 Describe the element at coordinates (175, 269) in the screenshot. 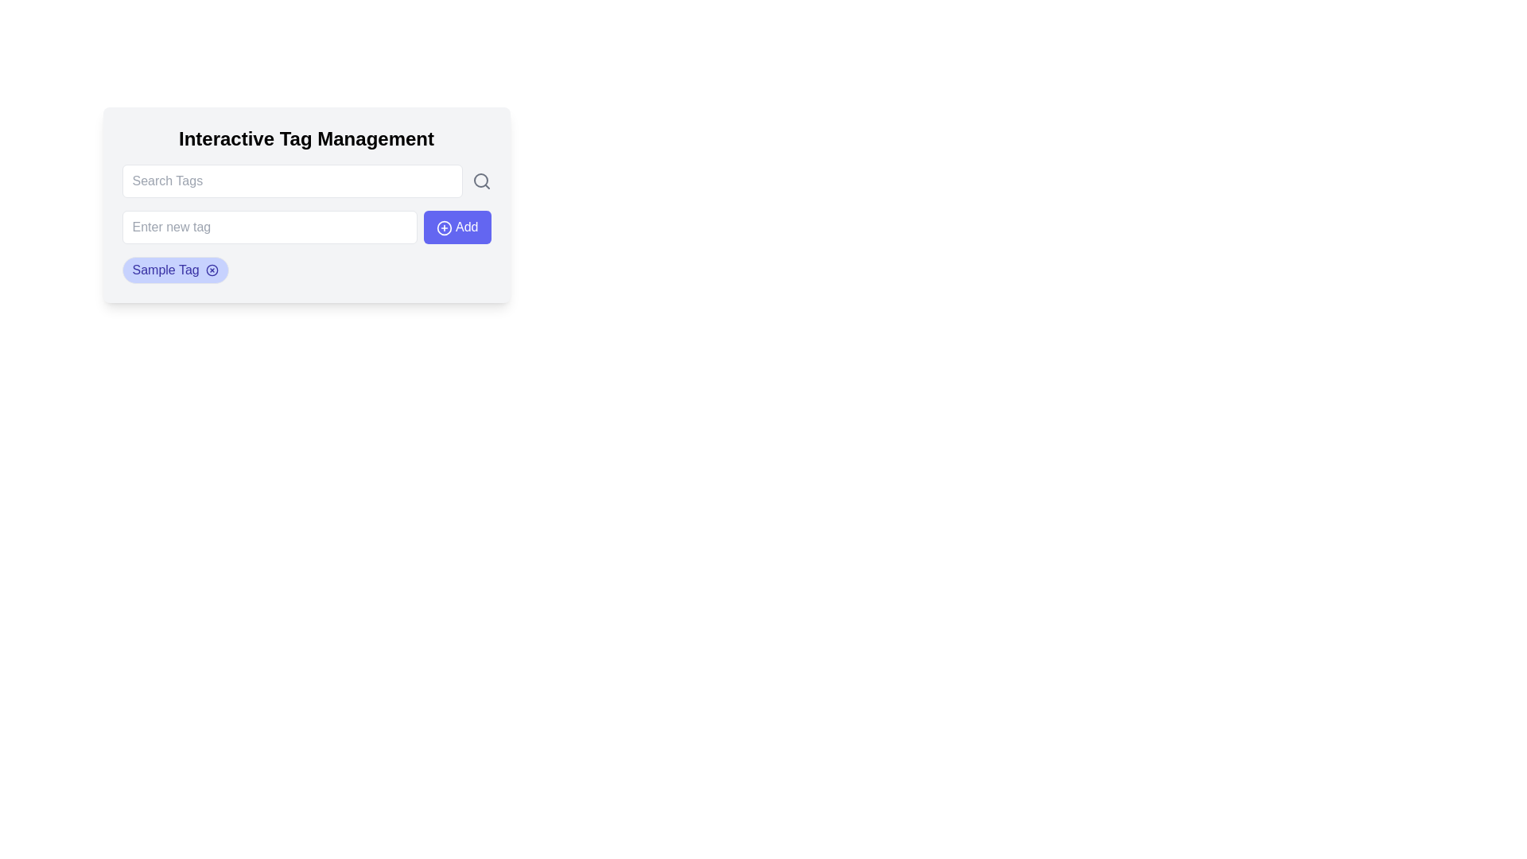

I see `the 'x' button on the right side of the light blue 'Sample Tag'` at that location.